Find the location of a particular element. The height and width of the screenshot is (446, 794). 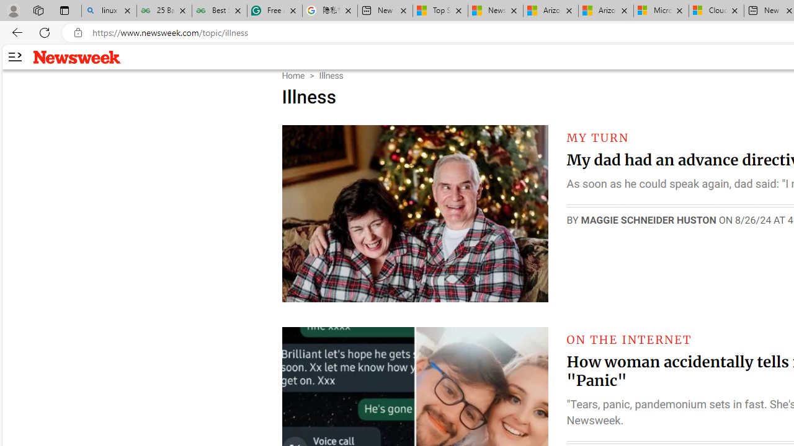

'MY TURN' is located at coordinates (597, 138).